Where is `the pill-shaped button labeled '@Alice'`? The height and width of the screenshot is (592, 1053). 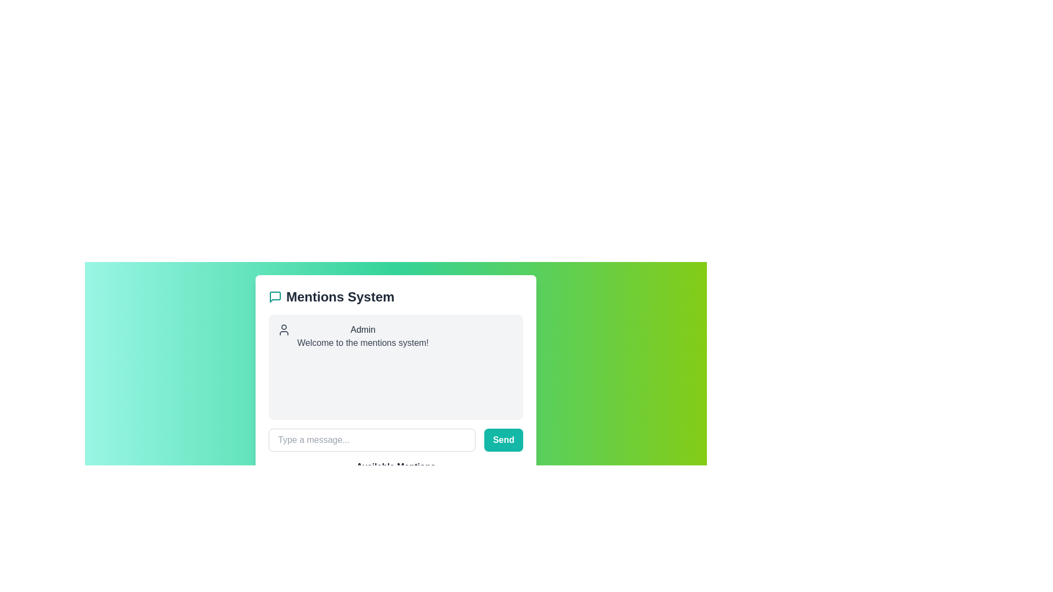
the pill-shaped button labeled '@Alice' is located at coordinates (380, 486).